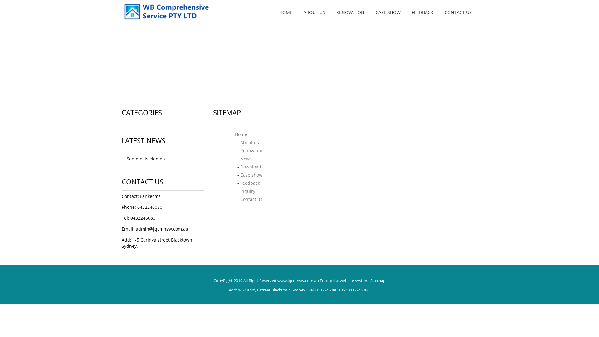 Image resolution: width=599 pixels, height=337 pixels. What do you see at coordinates (240, 142) in the screenshot?
I see `'About us'` at bounding box center [240, 142].